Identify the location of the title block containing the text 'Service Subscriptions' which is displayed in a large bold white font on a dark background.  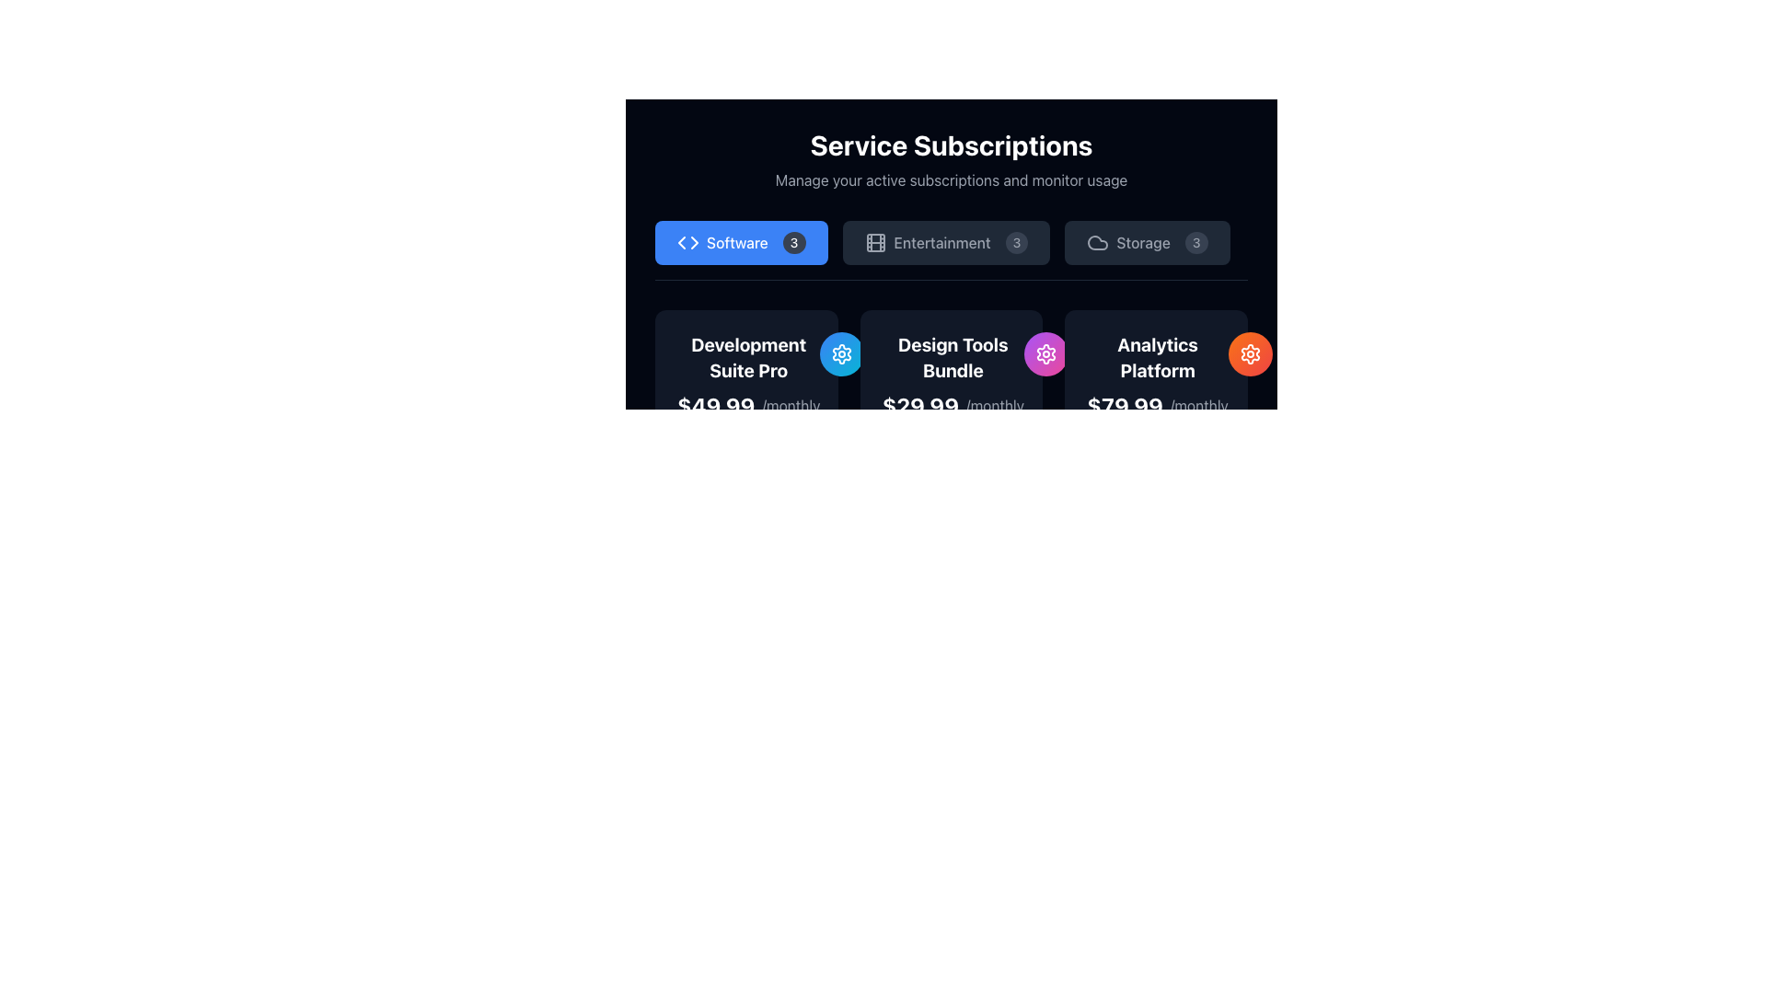
(951, 158).